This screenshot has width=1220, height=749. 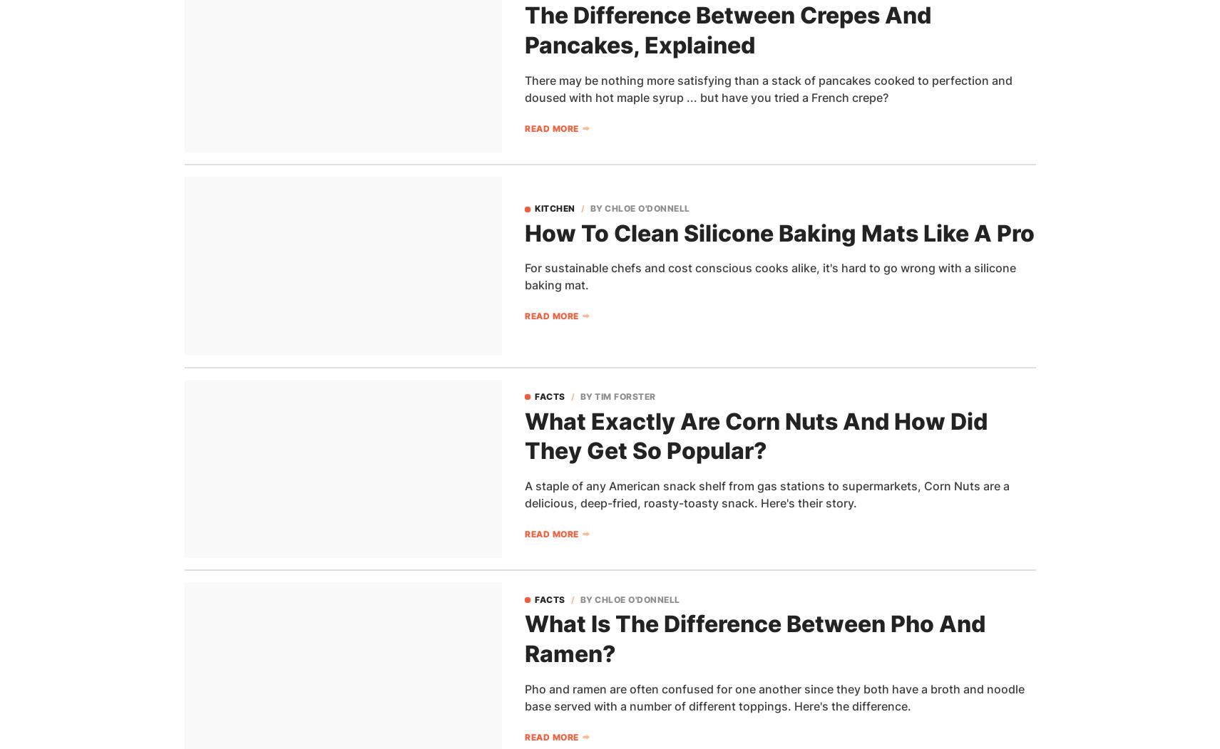 What do you see at coordinates (553, 207) in the screenshot?
I see `'Kitchen'` at bounding box center [553, 207].